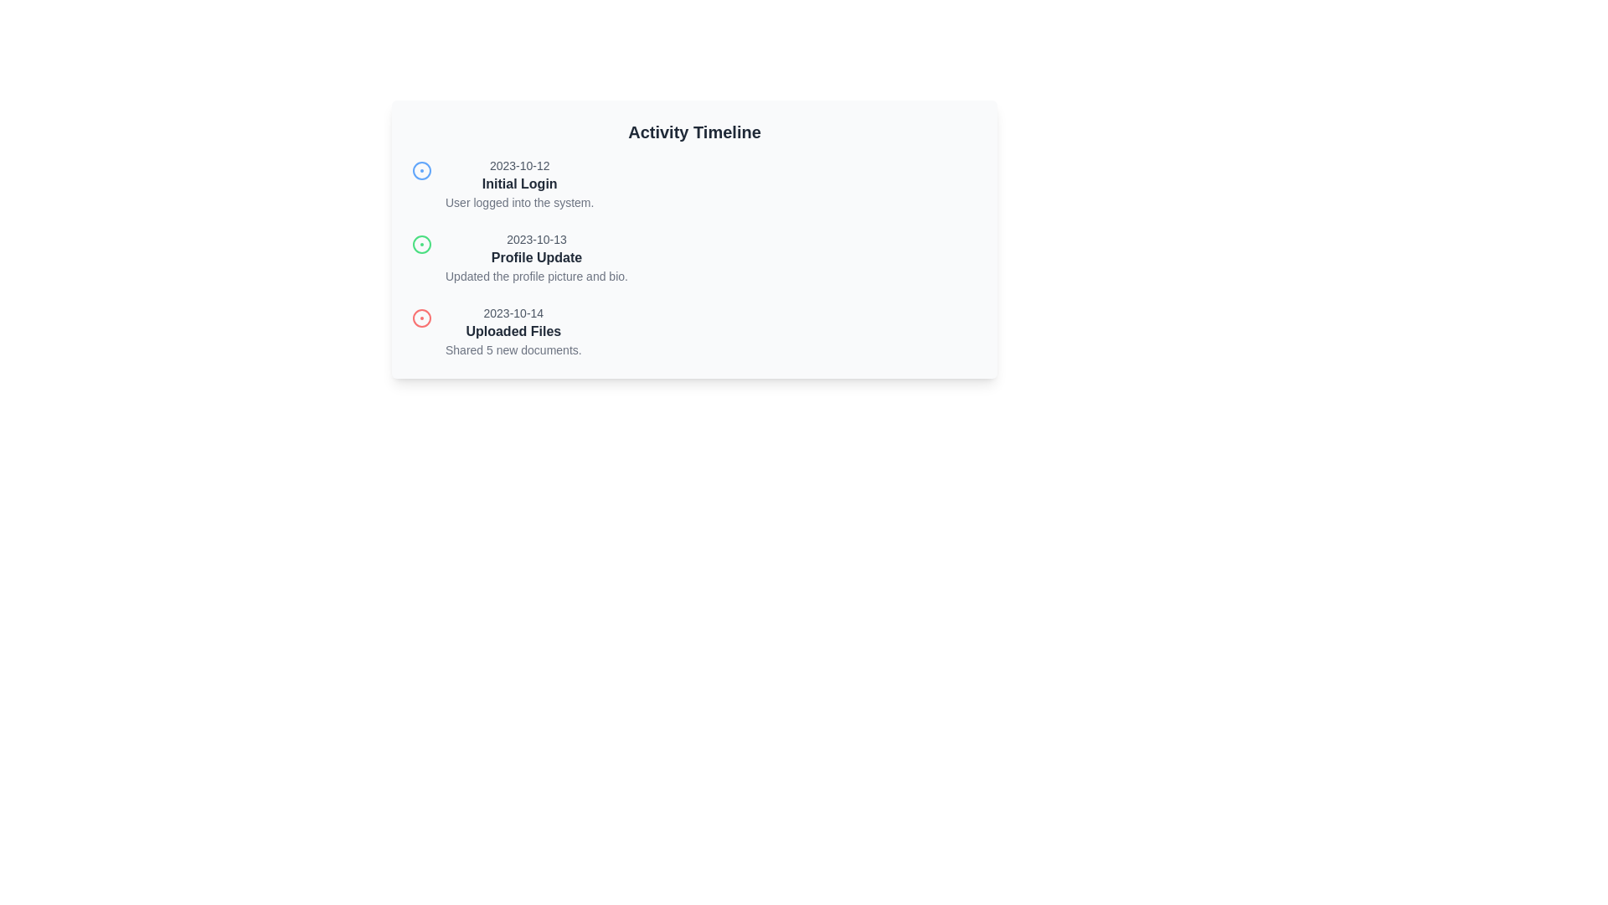 This screenshot has width=1608, height=905. I want to click on text element that displays 'Shared 5 new documents.' located below the 'Uploaded Files' label in the activity timeline interface for October 14, so click(513, 349).